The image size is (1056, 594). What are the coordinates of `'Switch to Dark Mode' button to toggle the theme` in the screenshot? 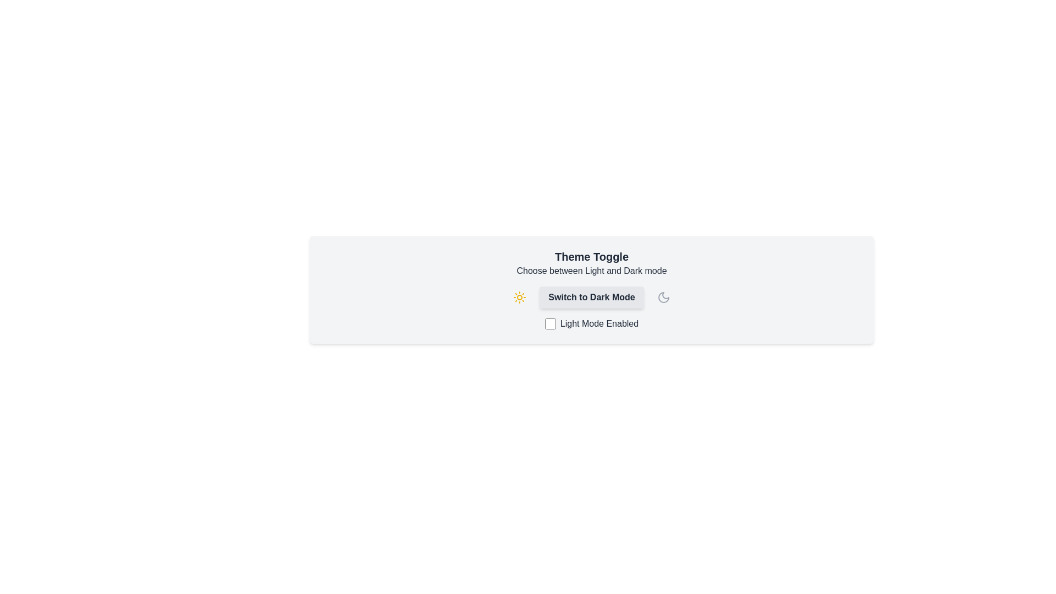 It's located at (591, 297).